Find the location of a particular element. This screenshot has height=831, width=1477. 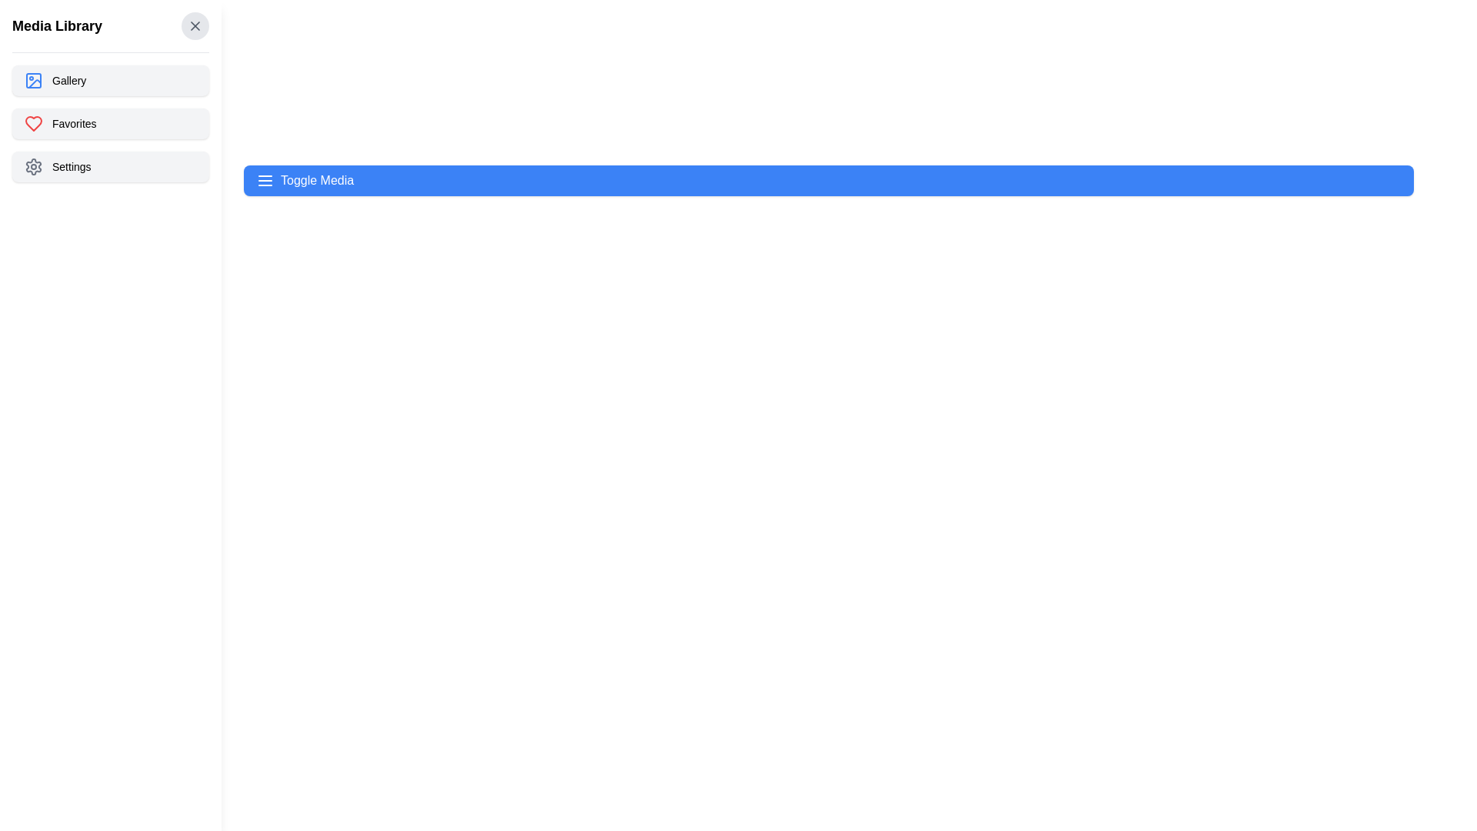

the close button in the top-right corner of the media drawer is located at coordinates (195, 26).